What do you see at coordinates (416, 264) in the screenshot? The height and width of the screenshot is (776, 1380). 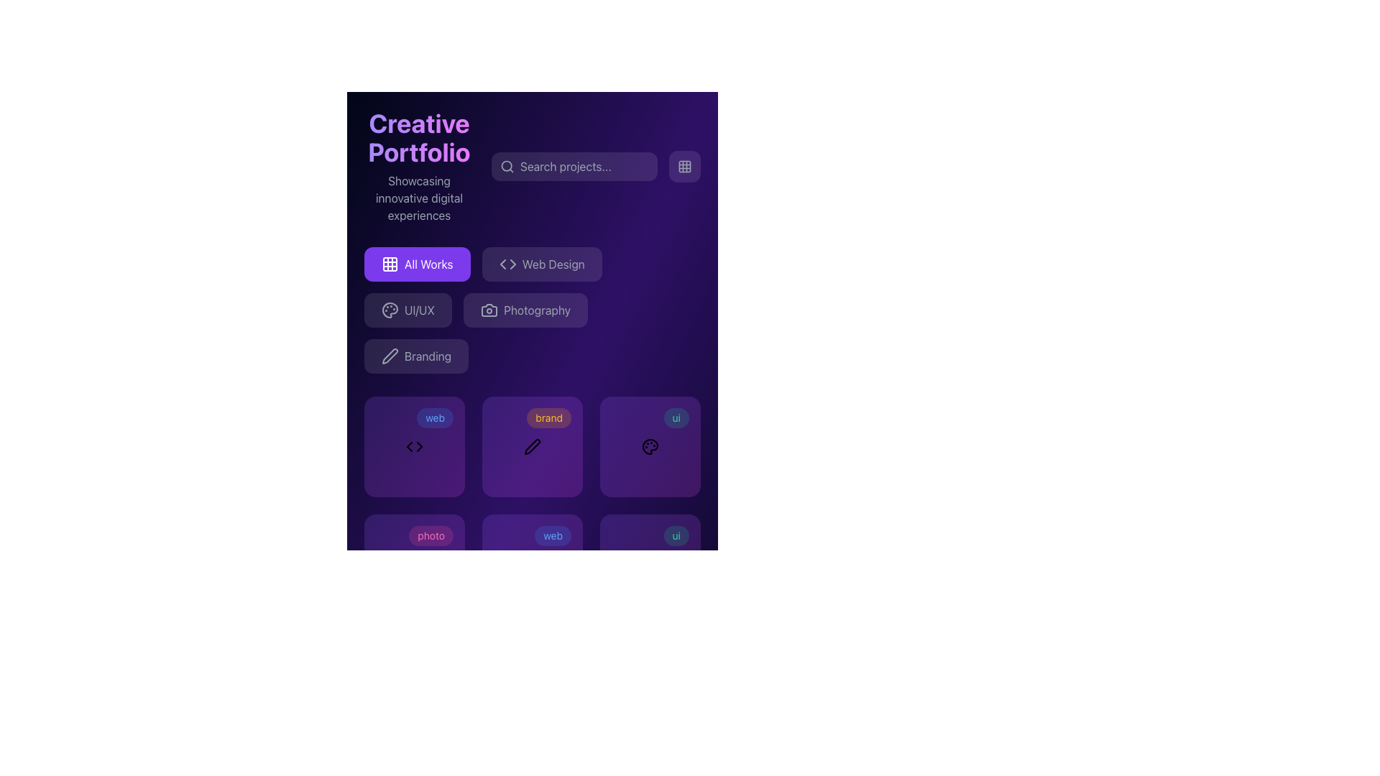 I see `the 'All Works' button, which is a rectangular button with a violet background and white text, located under the heading 'Creative Portfolio' as the first button in a horizontal row` at bounding box center [416, 264].